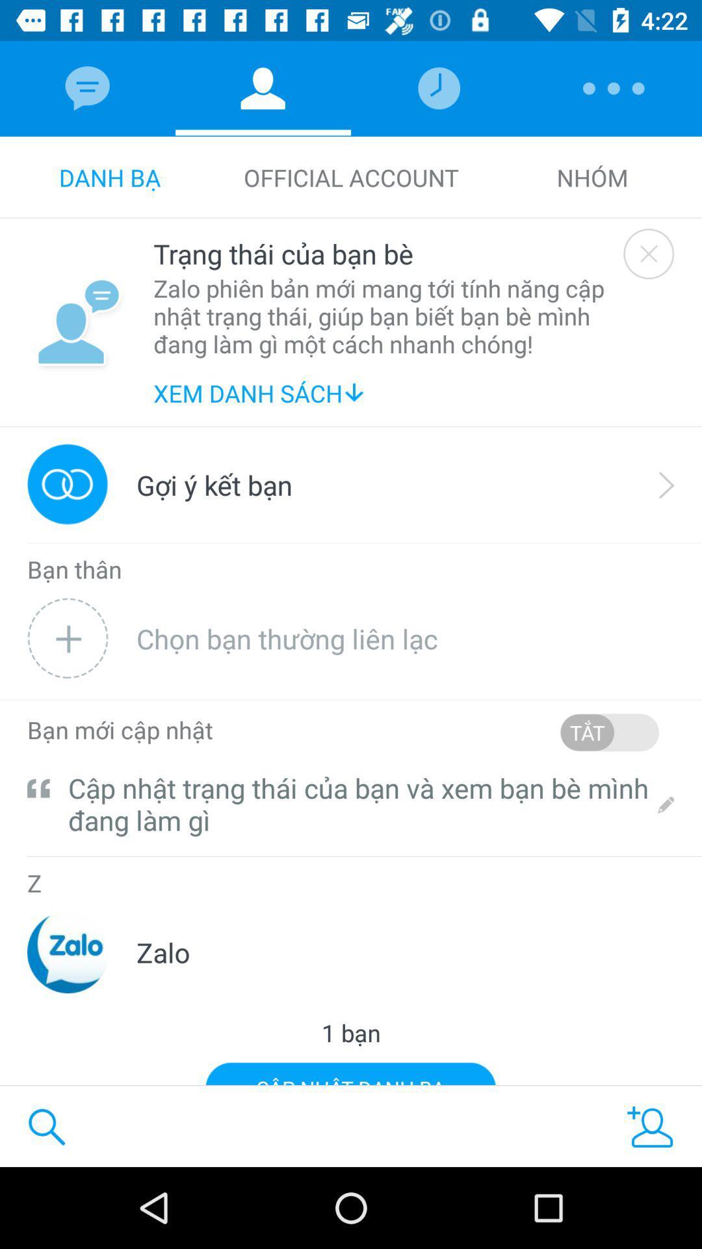  I want to click on item to the right of the official account, so click(592, 177).